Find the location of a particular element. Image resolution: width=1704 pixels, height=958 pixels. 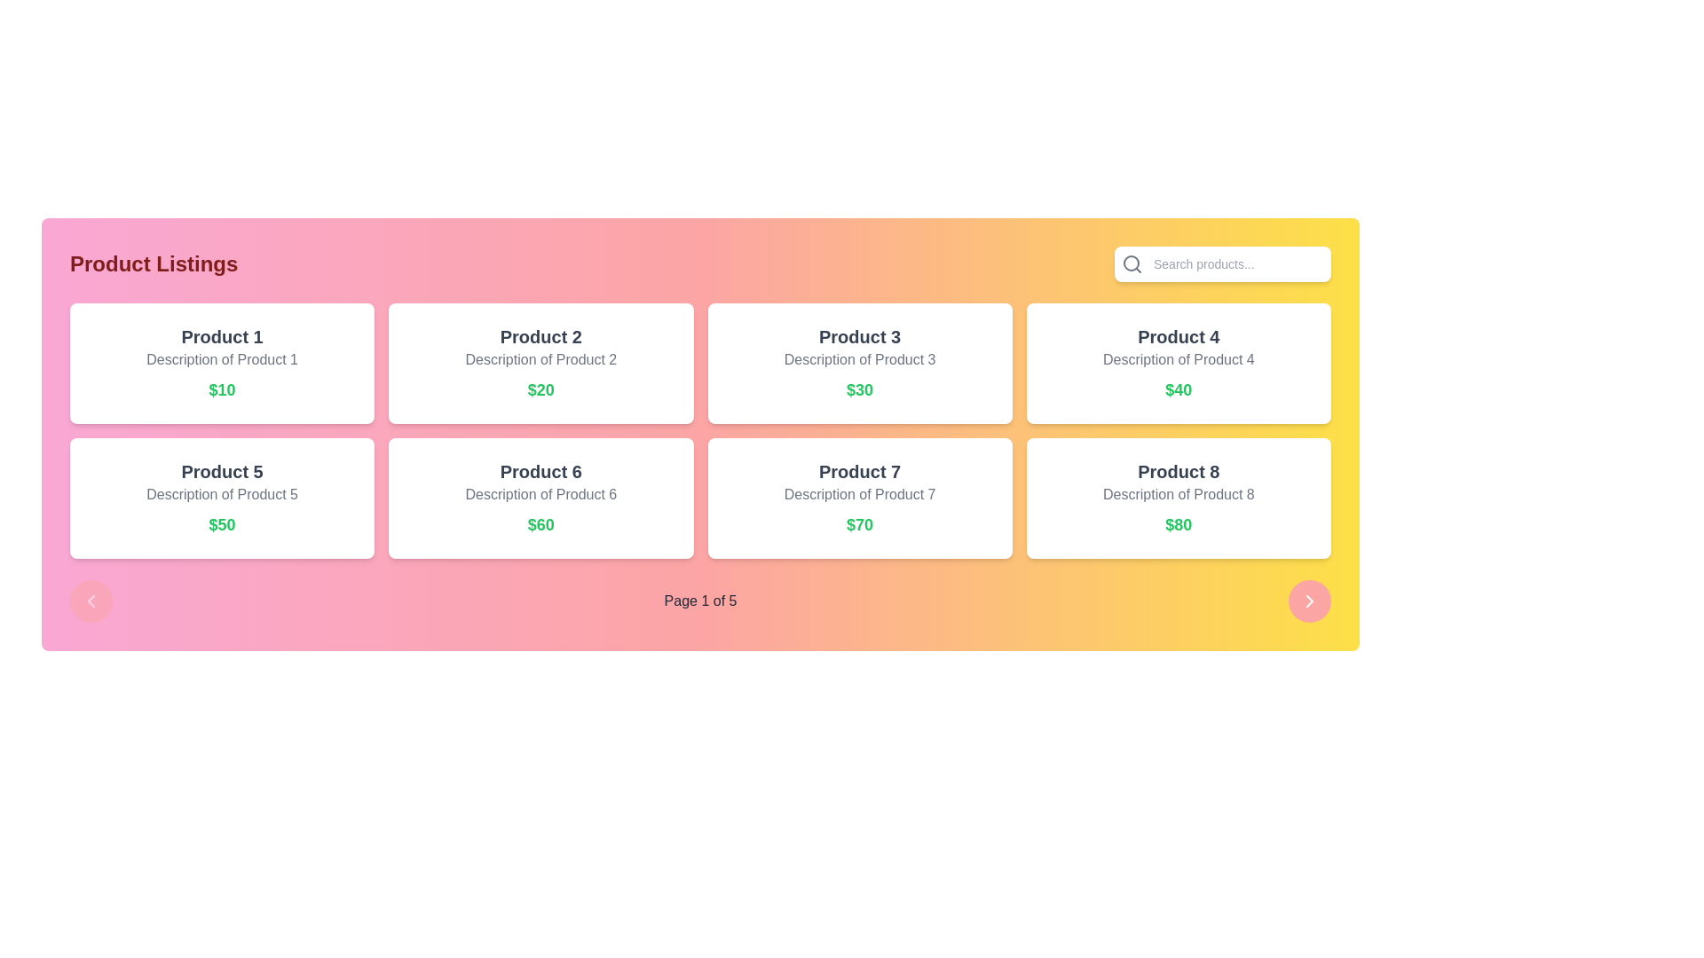

the navigational button located in the bottom-left of the pagination area is located at coordinates (90, 601).